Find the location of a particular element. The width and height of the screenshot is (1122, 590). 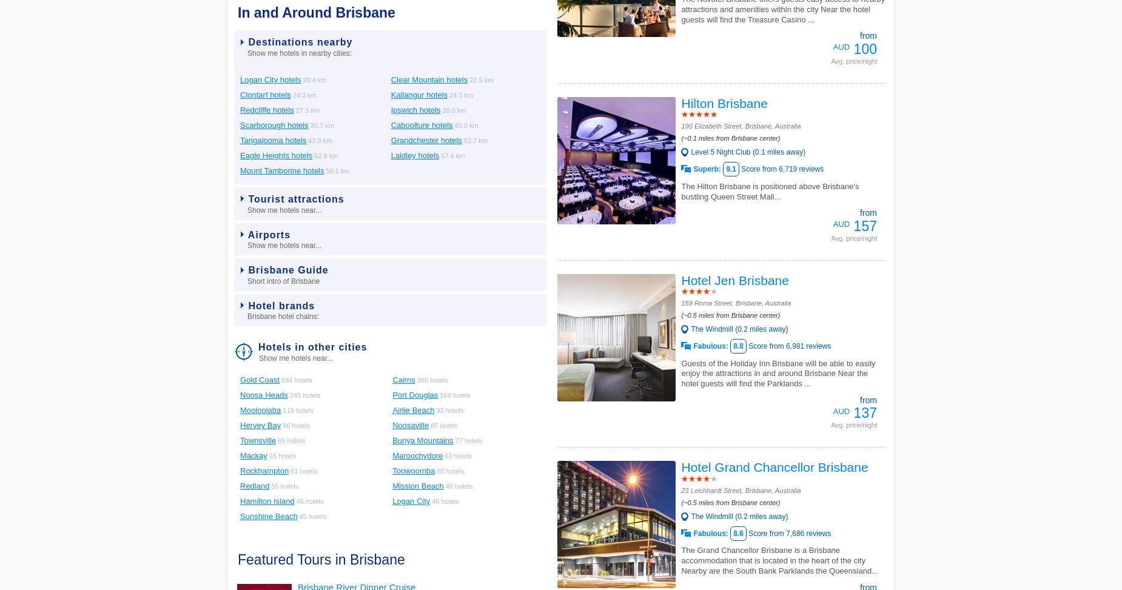

'Tourist attractions' is located at coordinates (294, 199).